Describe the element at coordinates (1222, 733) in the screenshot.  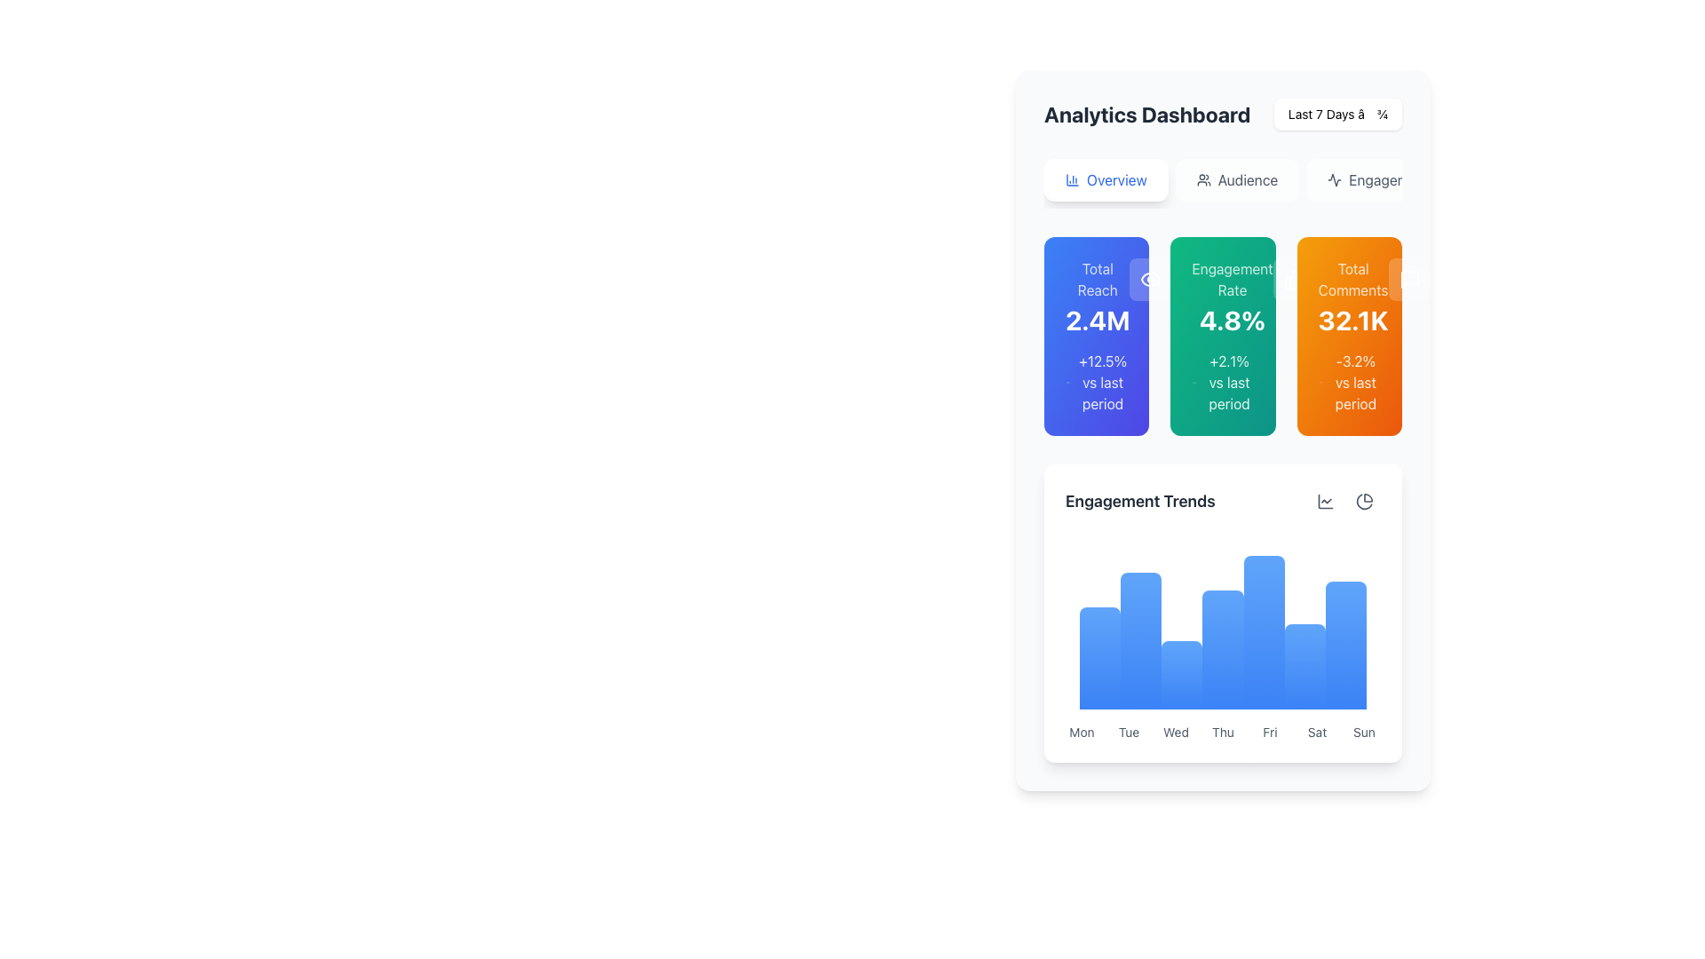
I see `the text label 'Thu' in the Engagement Trends section` at that location.